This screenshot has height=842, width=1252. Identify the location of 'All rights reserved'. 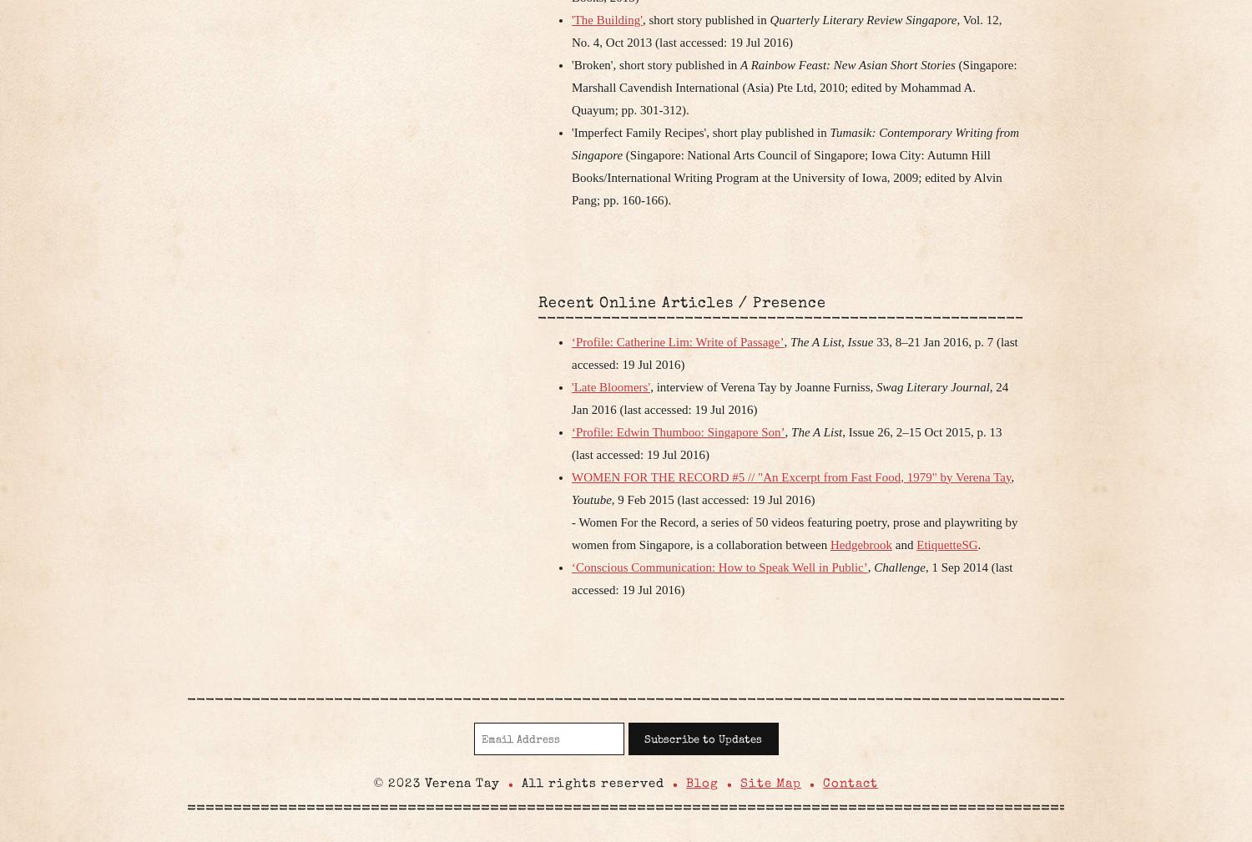
(592, 782).